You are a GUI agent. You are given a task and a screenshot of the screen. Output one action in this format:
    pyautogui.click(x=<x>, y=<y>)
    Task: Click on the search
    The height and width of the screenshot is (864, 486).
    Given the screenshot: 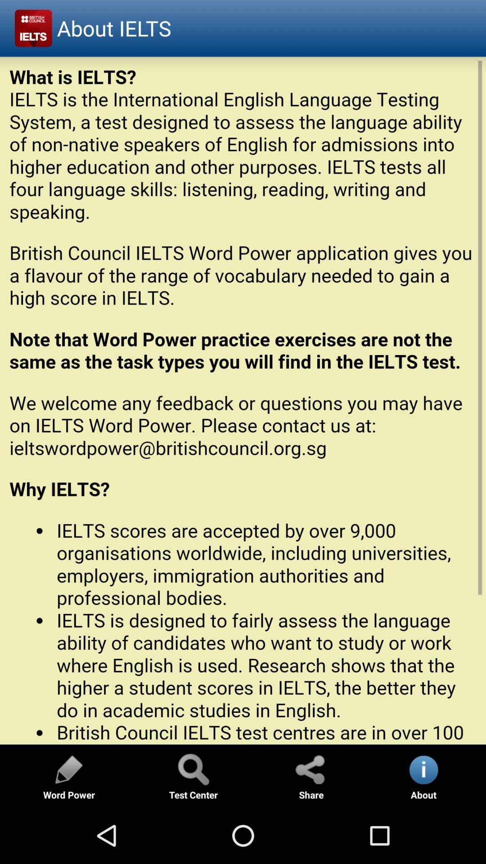 What is the action you would take?
    pyautogui.click(x=193, y=769)
    